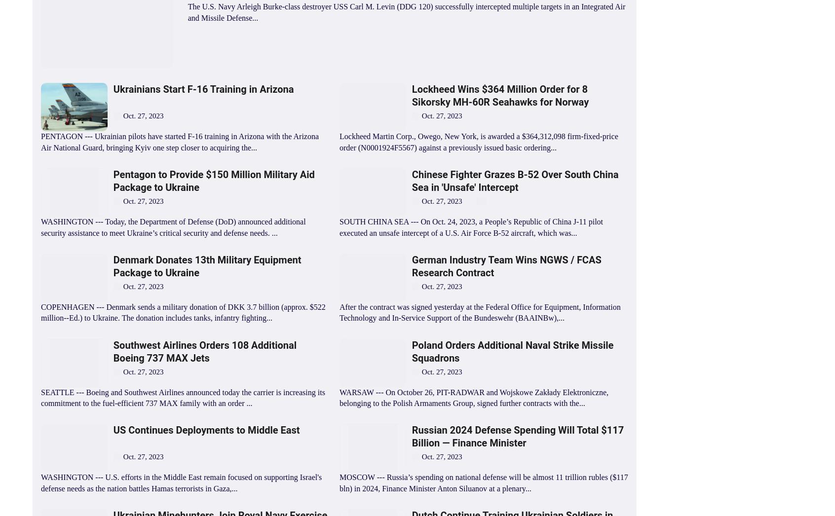 The image size is (835, 516). I want to click on 'COPENHAGEN --- Denmark sends a military donation of DKK 3.7 billion (approx. $522 million--Ed.) to Ukraine. The donation includes tanks, infantry fighting...', so click(183, 312).